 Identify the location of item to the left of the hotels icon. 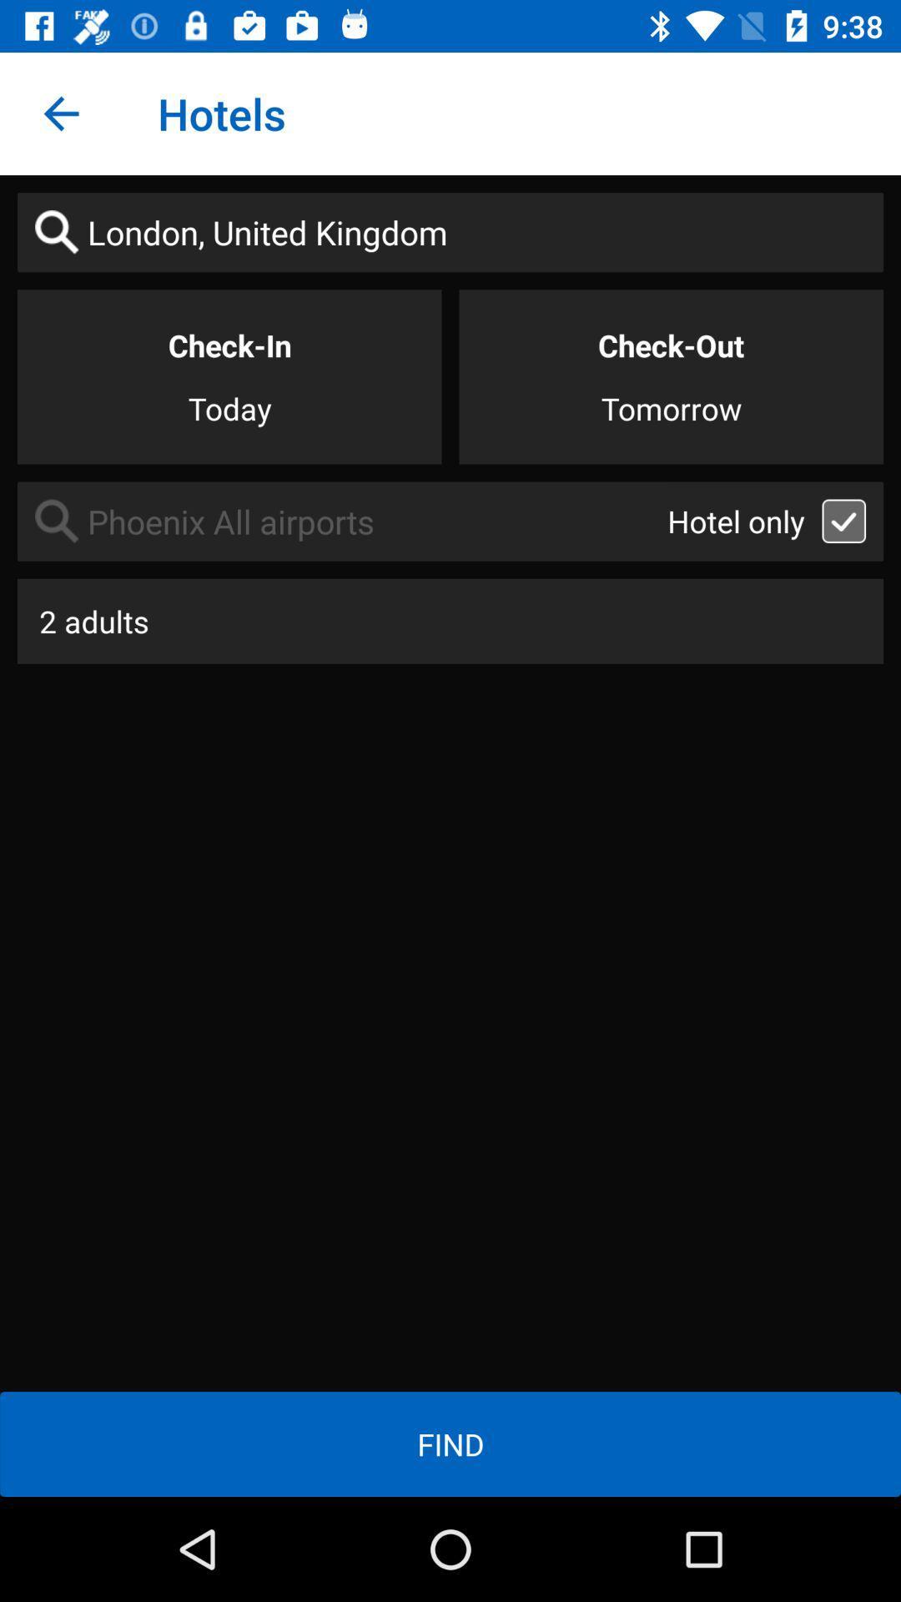
(60, 113).